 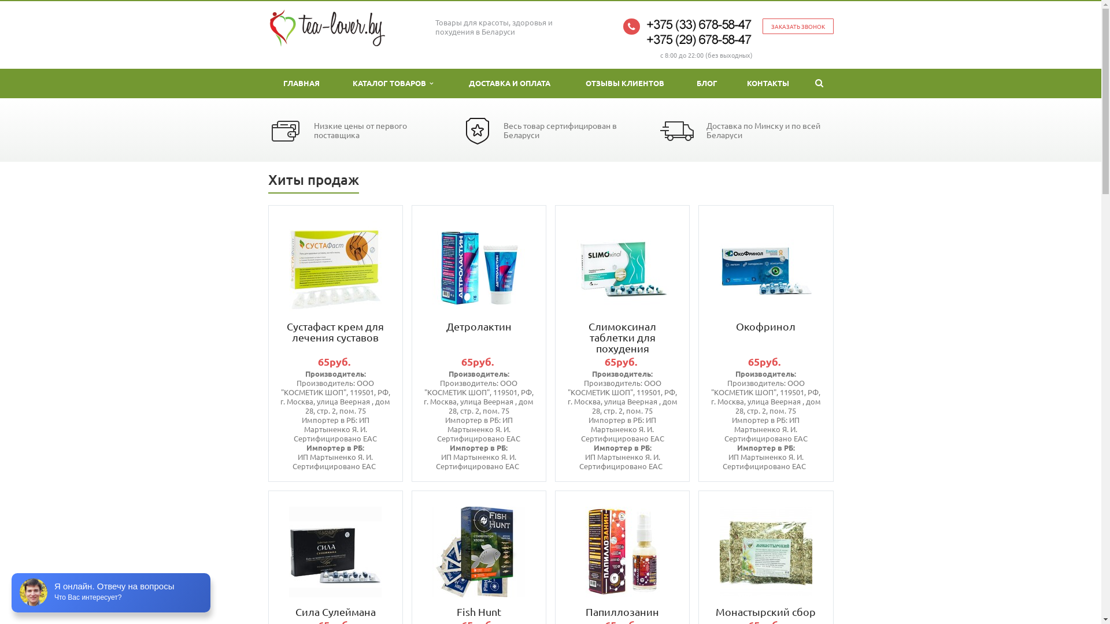 I want to click on 'Fish Hunt', so click(x=479, y=551).